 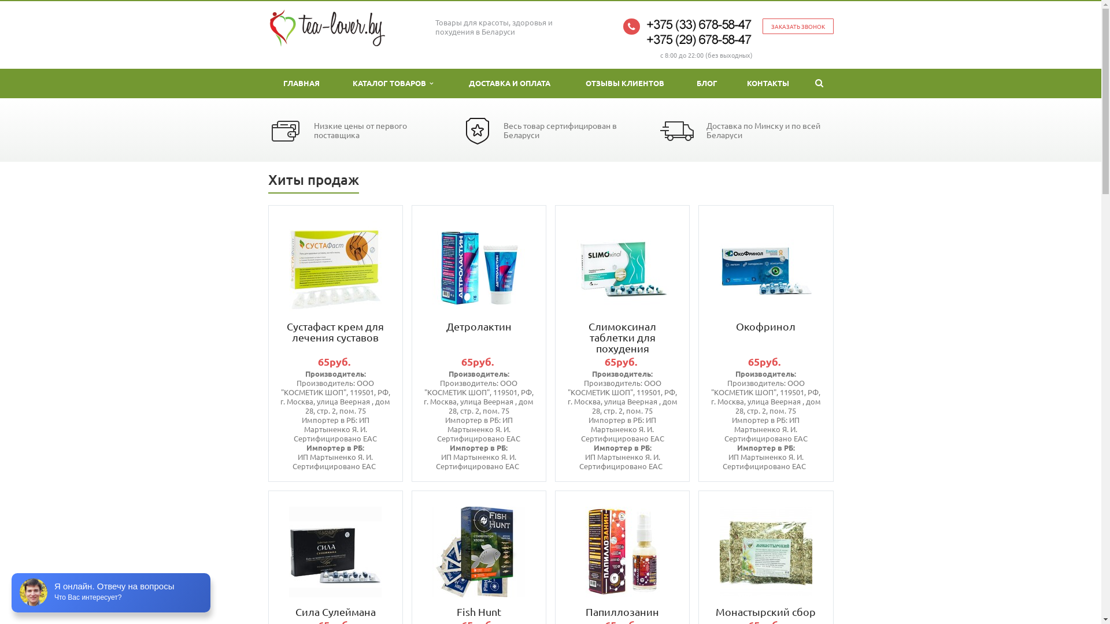 I want to click on 'Fish Hunt', so click(x=479, y=551).